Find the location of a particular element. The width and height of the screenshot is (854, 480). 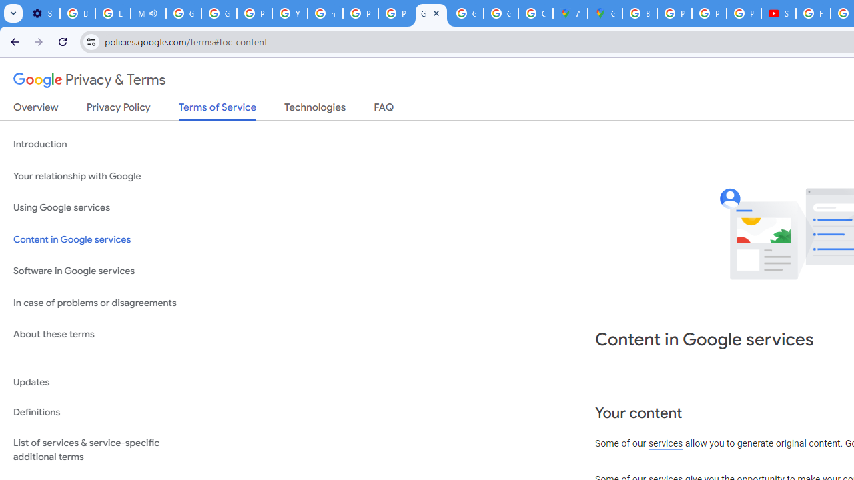

'Your relationship with Google' is located at coordinates (101, 175).